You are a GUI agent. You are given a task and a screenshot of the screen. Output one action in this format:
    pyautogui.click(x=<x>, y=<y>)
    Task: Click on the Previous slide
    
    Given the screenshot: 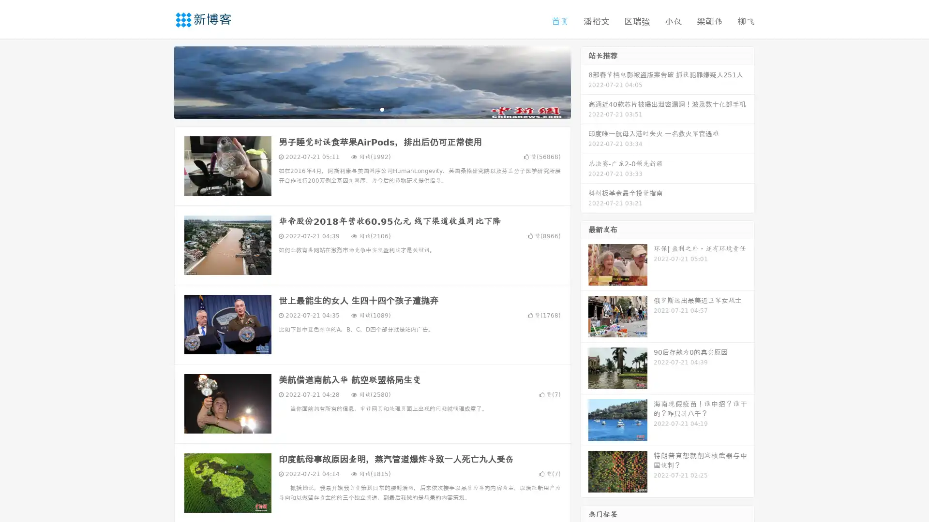 What is the action you would take?
    pyautogui.click(x=160, y=81)
    